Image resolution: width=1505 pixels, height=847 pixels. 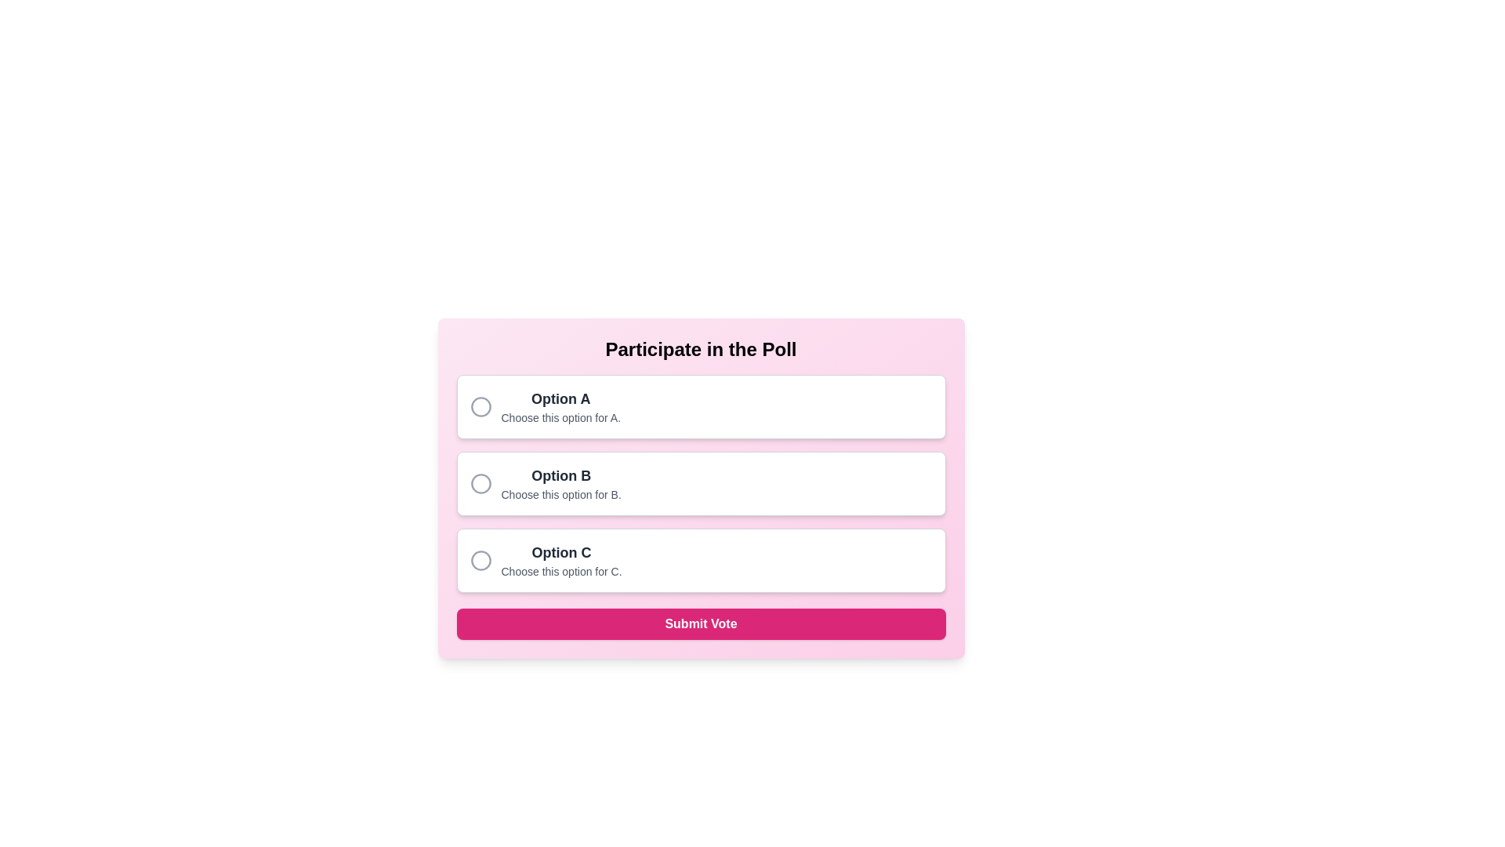 I want to click on the 'Option B' radio button element, which displays the title 'Option B' in bold and larger font, along with the subtitle 'Choose this option for B.' styled in shades of gray on a white background, so click(x=561, y=483).